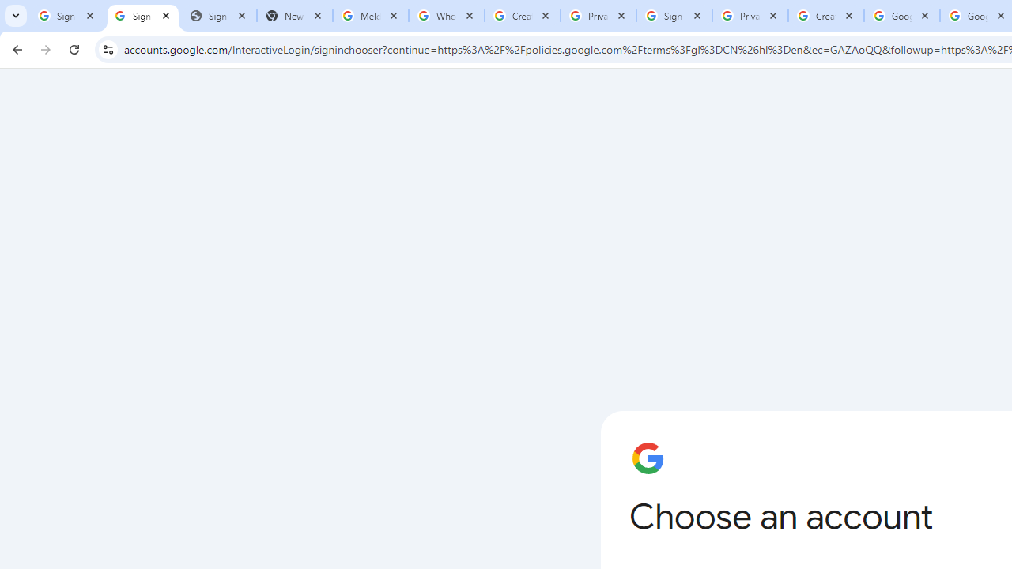 This screenshot has height=569, width=1012. What do you see at coordinates (218, 16) in the screenshot?
I see `'Sign In - USA TODAY'` at bounding box center [218, 16].